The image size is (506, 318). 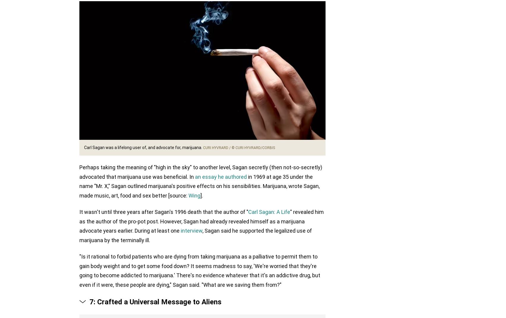 What do you see at coordinates (194, 195) in the screenshot?
I see `'Wing'` at bounding box center [194, 195].